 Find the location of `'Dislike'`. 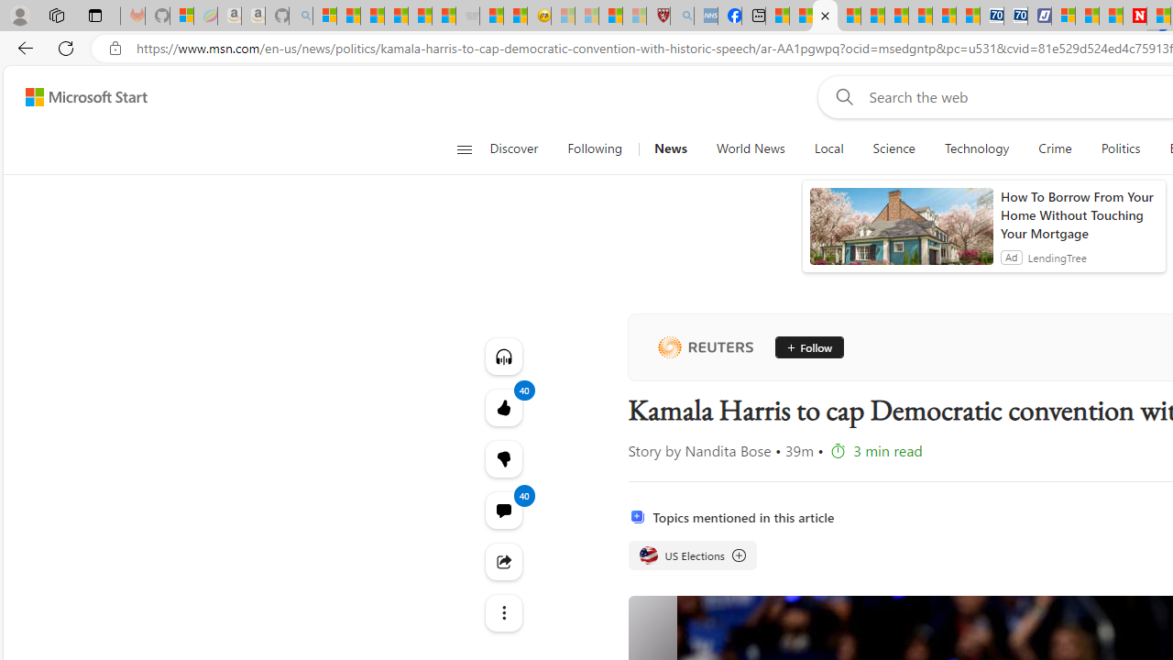

'Dislike' is located at coordinates (503, 458).